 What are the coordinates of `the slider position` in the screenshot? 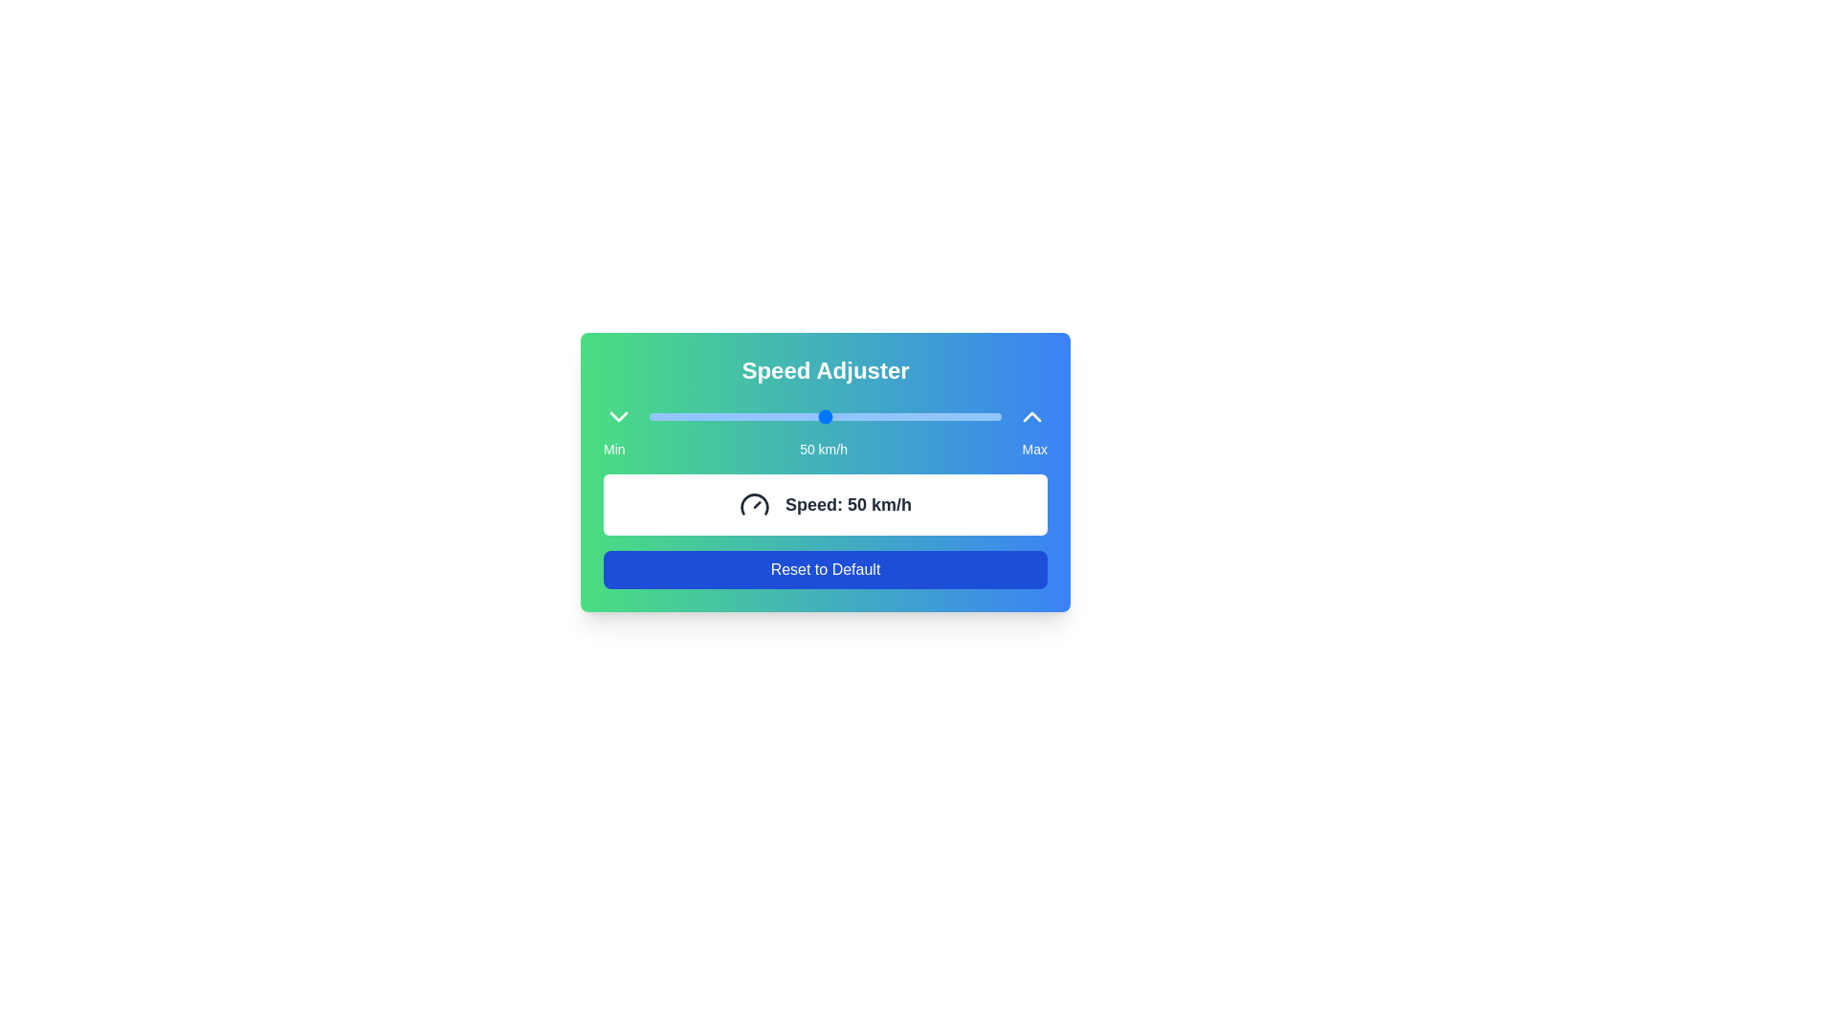 It's located at (783, 415).